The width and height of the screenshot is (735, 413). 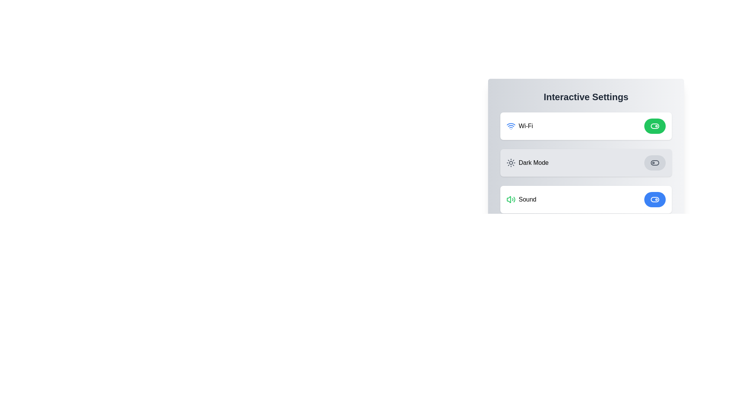 I want to click on the blue Wi-Fi icon located on the left side of the 'Wi-Fi' row in the interactive settings panel, so click(x=511, y=126).